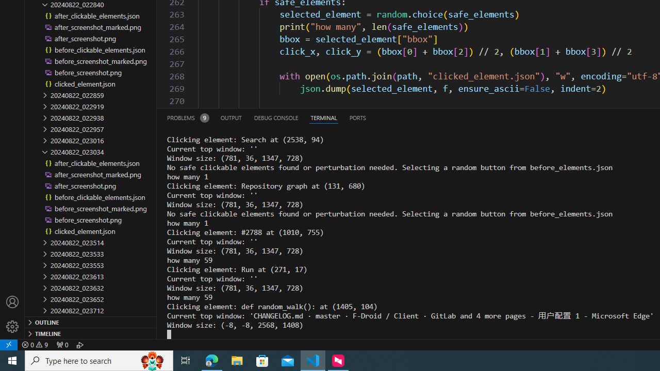 Image resolution: width=660 pixels, height=371 pixels. Describe the element at coordinates (91, 321) in the screenshot. I see `'Outline Section'` at that location.